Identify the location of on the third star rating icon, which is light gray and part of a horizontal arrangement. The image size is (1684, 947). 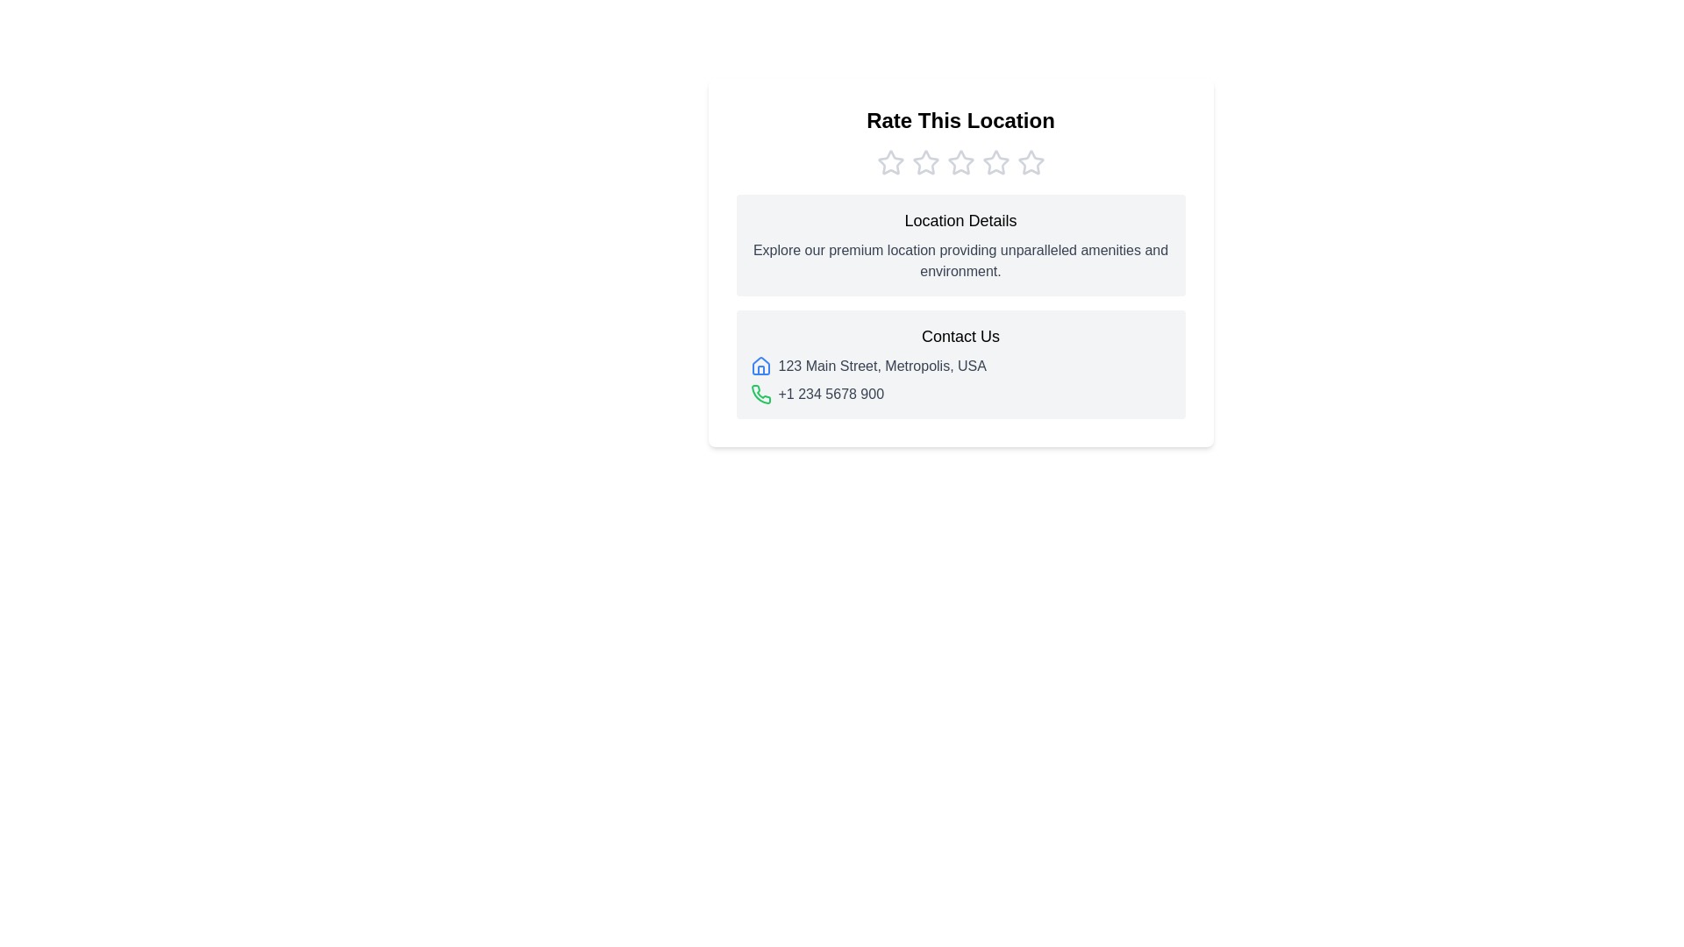
(960, 162).